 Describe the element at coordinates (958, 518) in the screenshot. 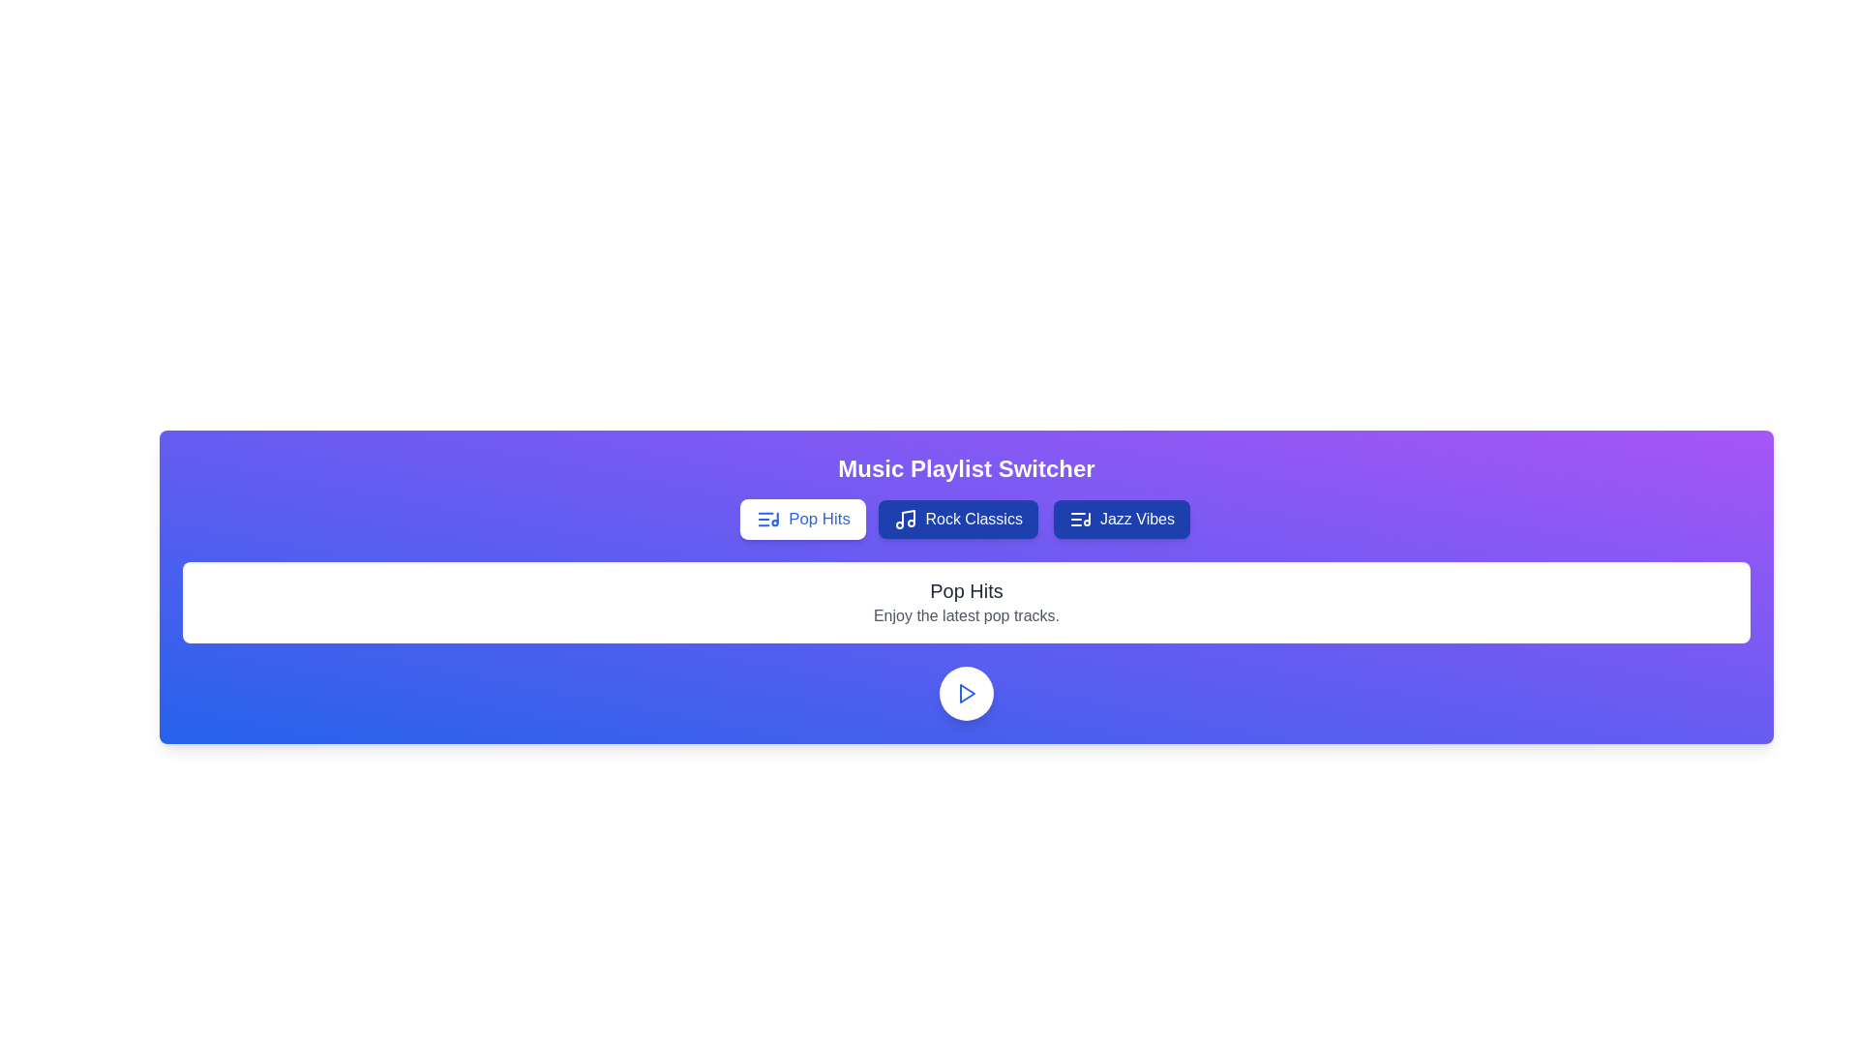

I see `the button located between 'Pop Hits' and 'Jazz Vibes' to switch to the 'Rock Classics' playlist` at that location.